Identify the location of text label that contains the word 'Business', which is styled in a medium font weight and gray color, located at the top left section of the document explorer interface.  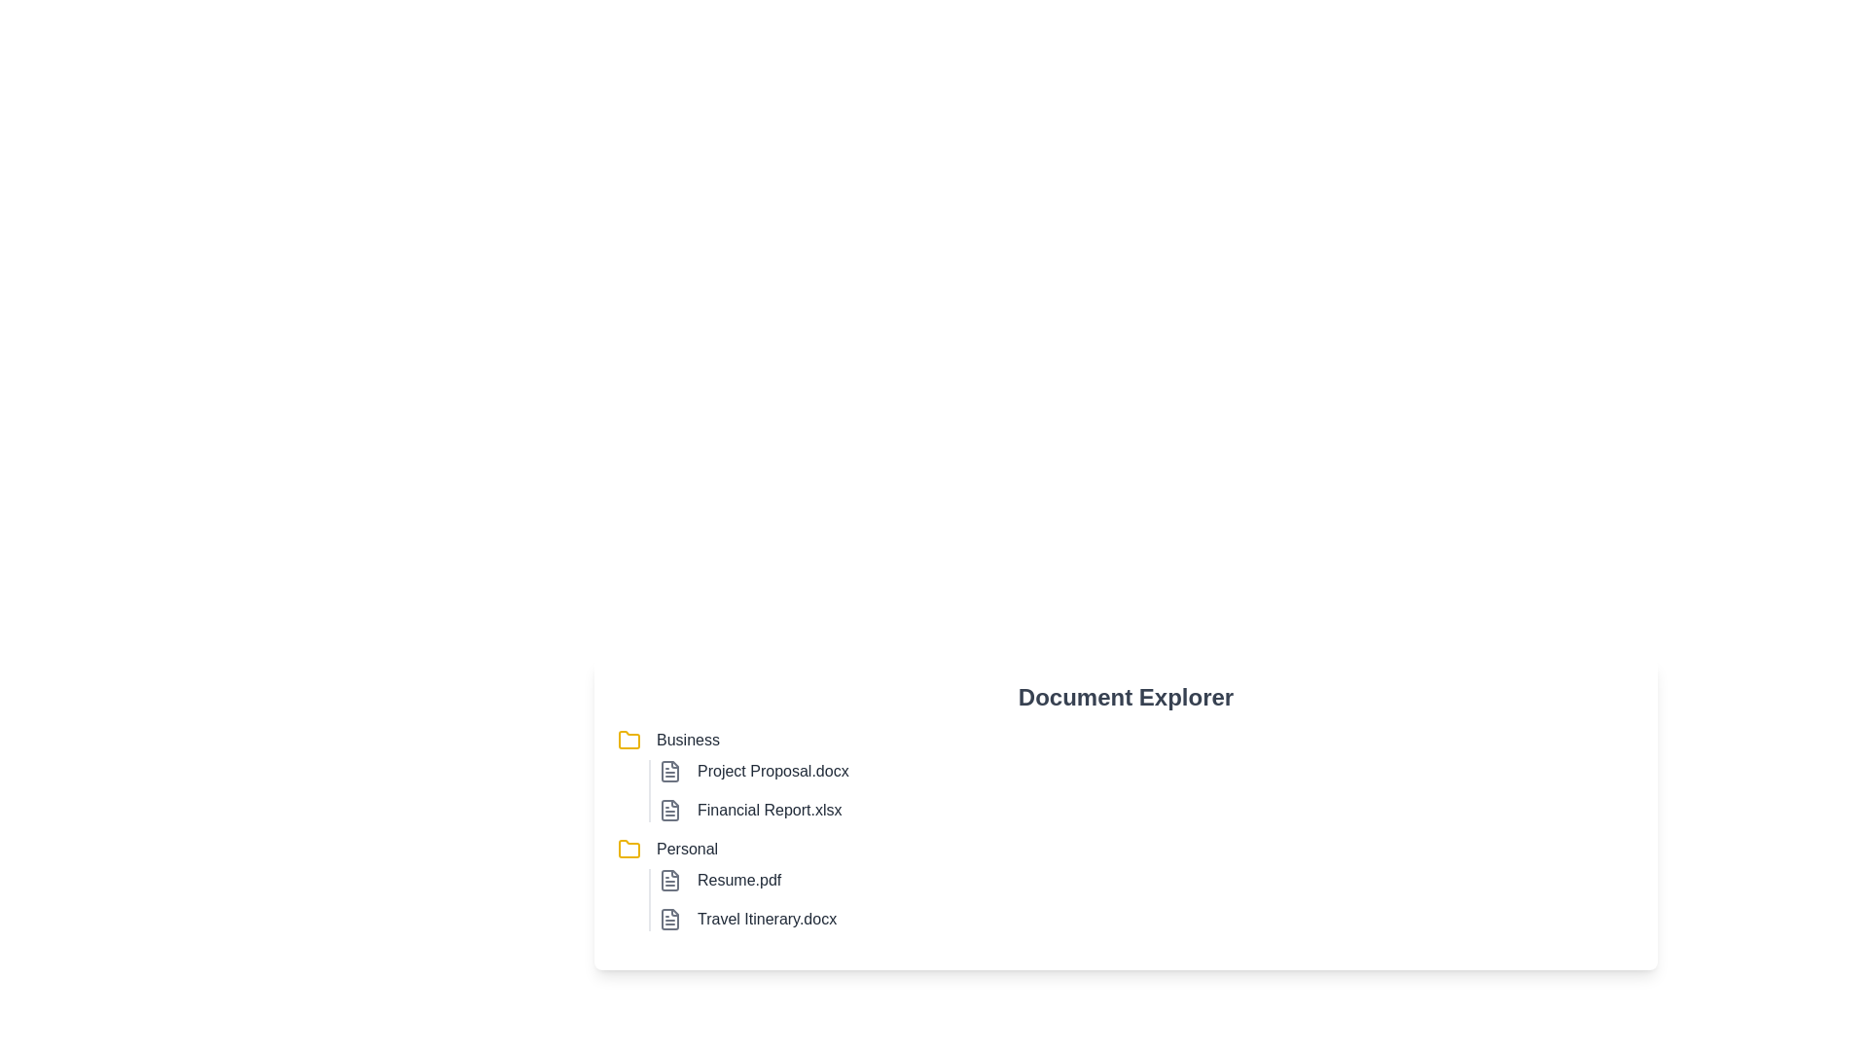
(688, 740).